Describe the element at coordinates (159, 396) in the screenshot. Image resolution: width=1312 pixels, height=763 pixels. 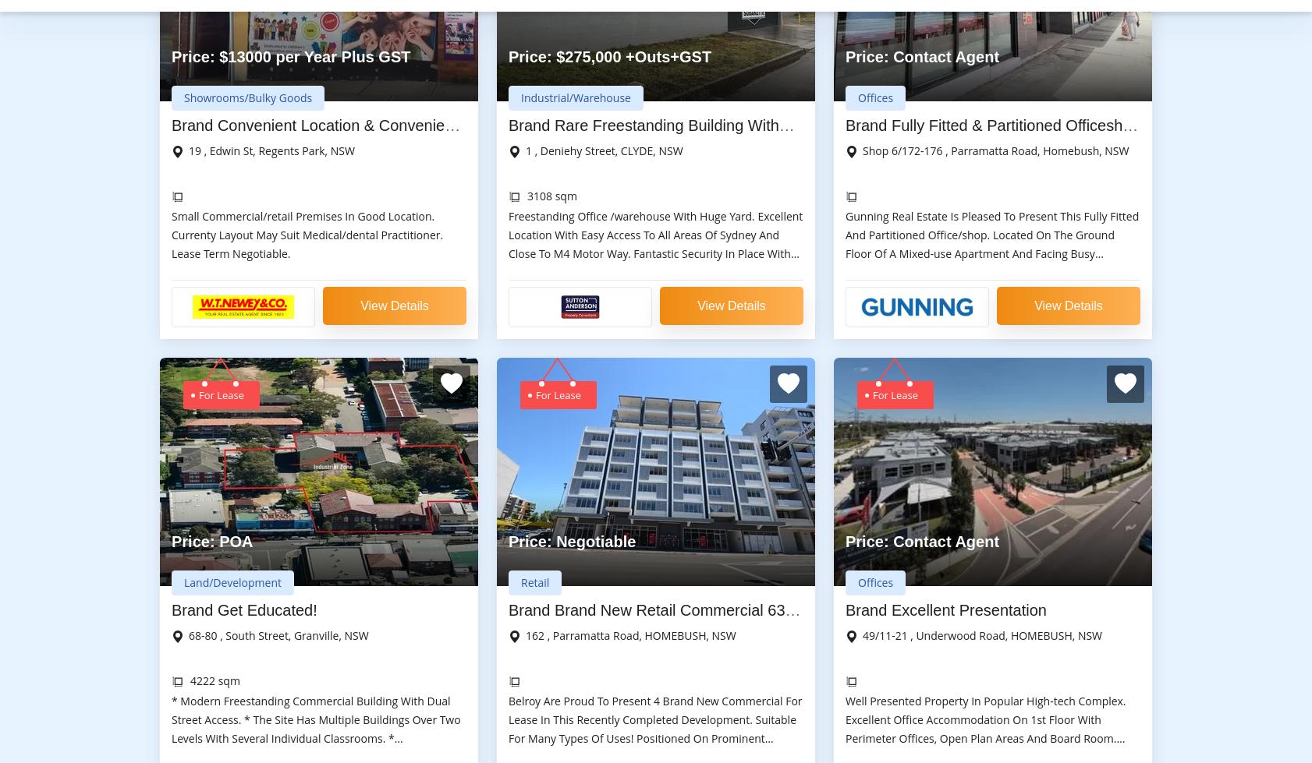
I see `'Commercial Real Estate Darwin'` at that location.